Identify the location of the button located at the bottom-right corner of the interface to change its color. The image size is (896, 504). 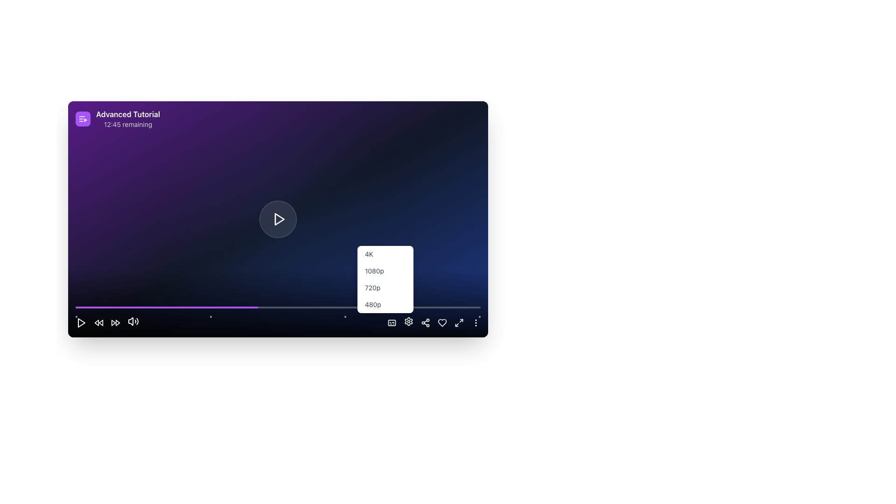
(476, 322).